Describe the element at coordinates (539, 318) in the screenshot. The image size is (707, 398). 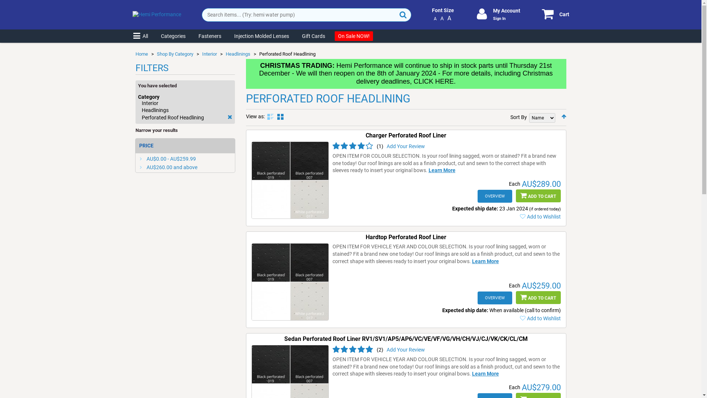
I see `'Add to Wishlist'` at that location.